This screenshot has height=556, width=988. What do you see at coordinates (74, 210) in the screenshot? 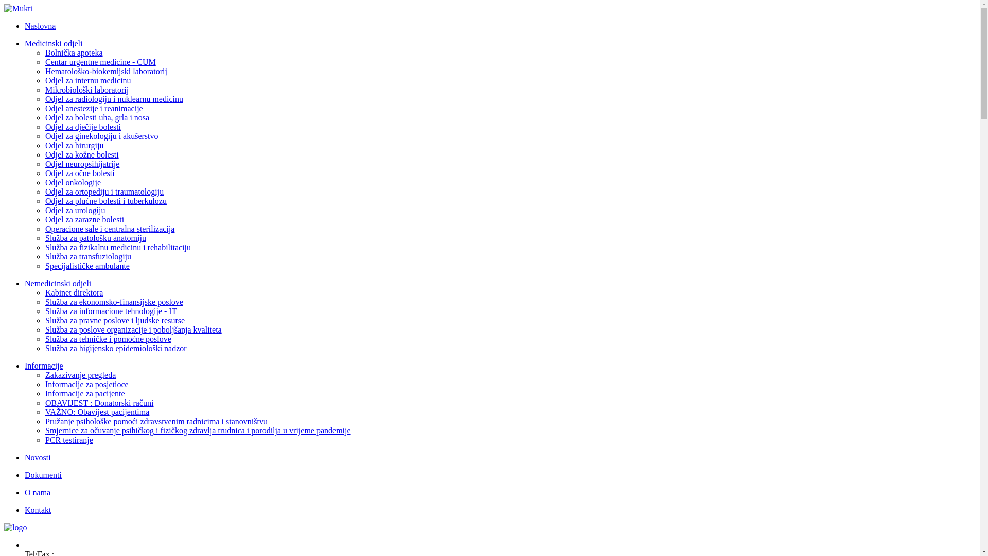
I see `'Odjel za urologiju'` at bounding box center [74, 210].